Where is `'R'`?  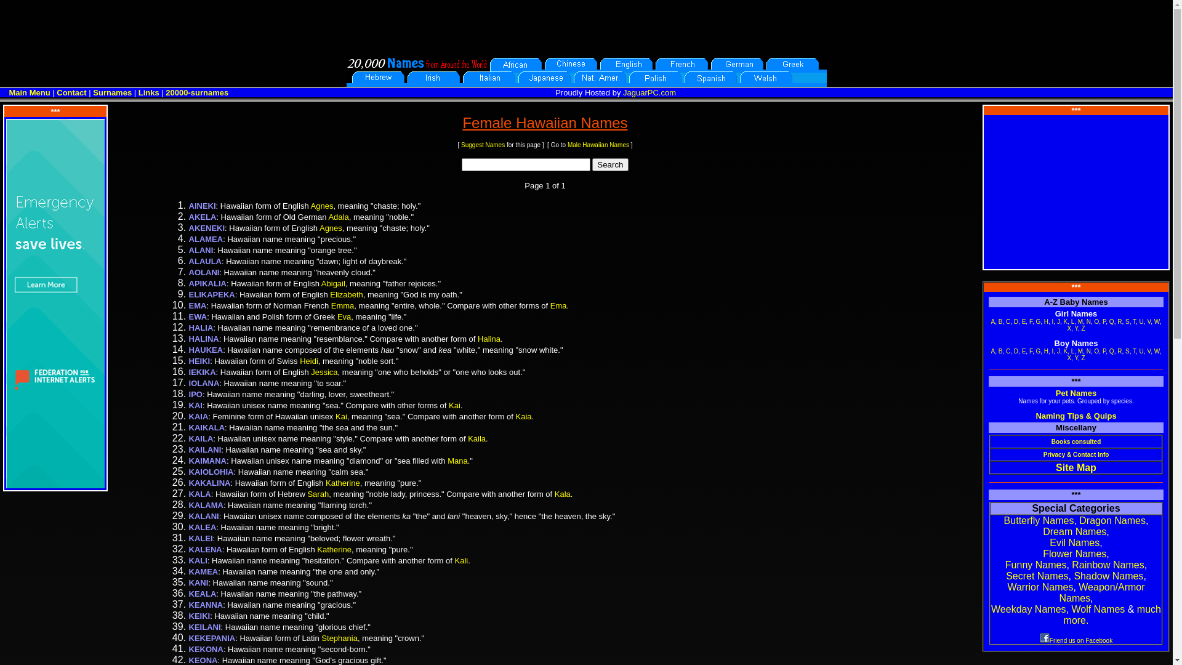
'R' is located at coordinates (1119, 351).